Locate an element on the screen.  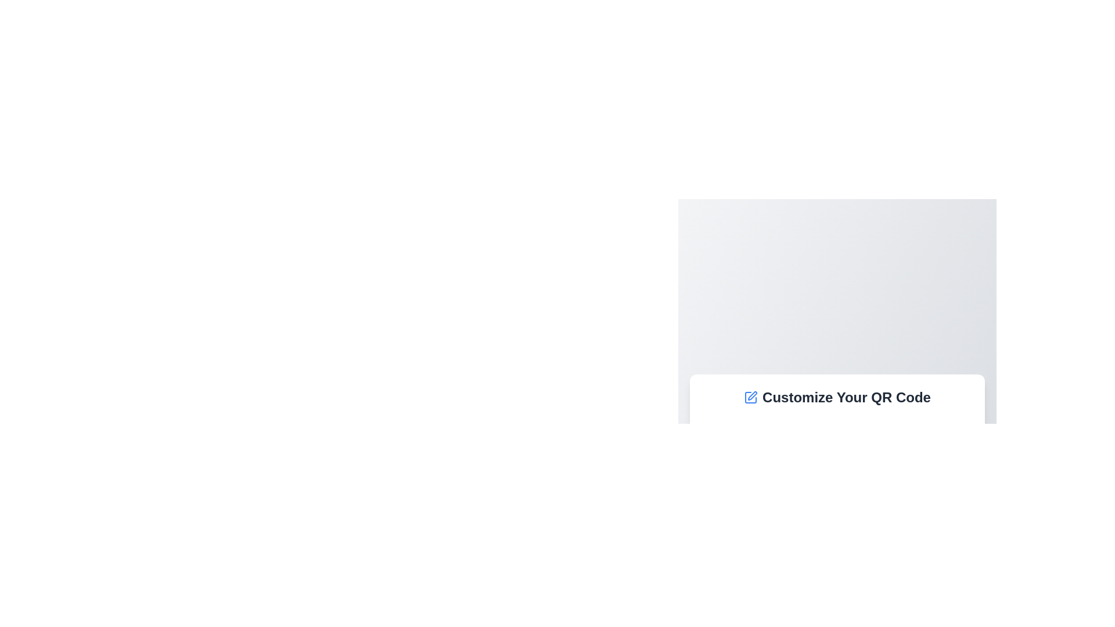
the Text Display with Icon that indicates customization options for the QR code in the section is located at coordinates (837, 397).